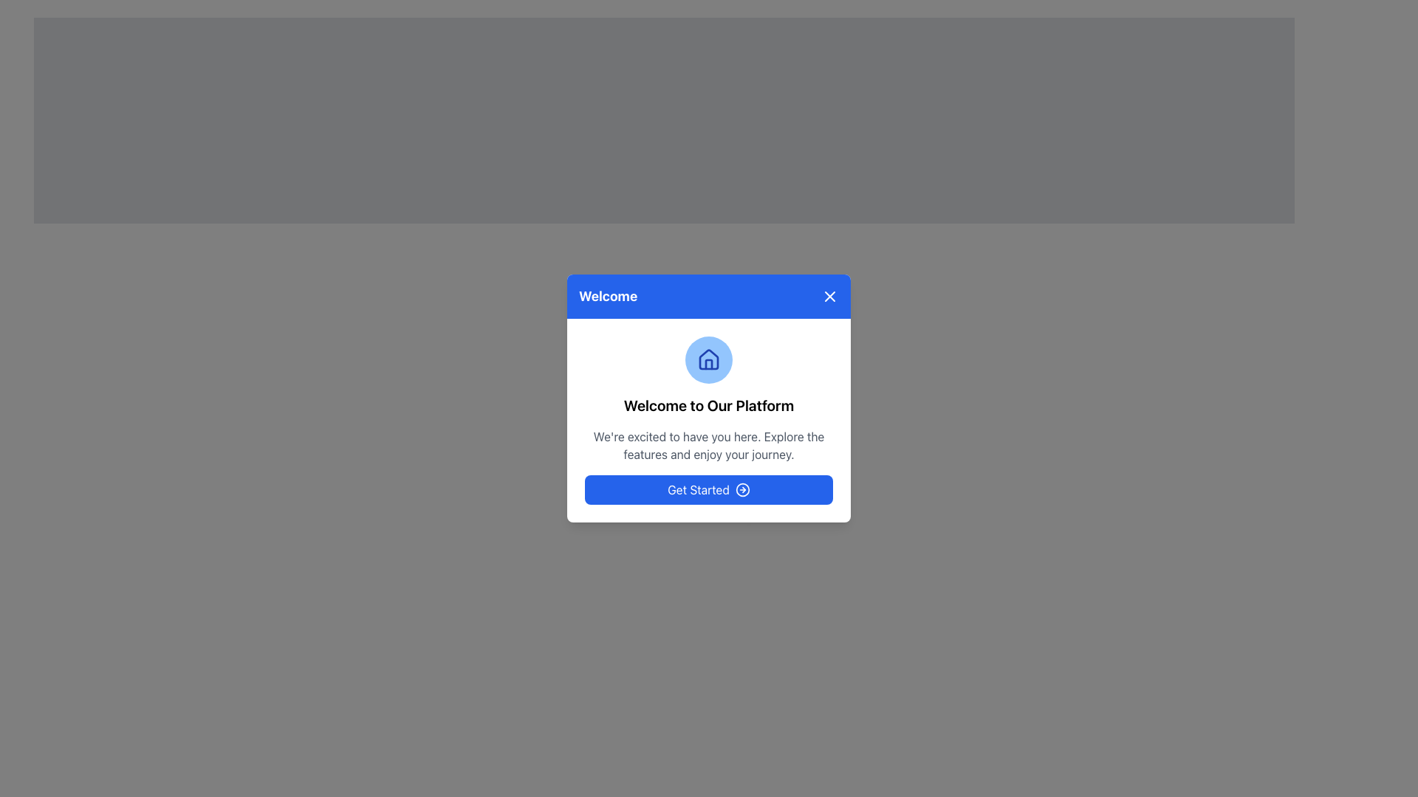  What do you see at coordinates (709, 360) in the screenshot?
I see `the graphical icon representing a home, which is a circular blue icon with a white home symbol, positioned at the top-center of the card interface above the 'Welcome to Our Platform' text and 'Get Started' button` at bounding box center [709, 360].